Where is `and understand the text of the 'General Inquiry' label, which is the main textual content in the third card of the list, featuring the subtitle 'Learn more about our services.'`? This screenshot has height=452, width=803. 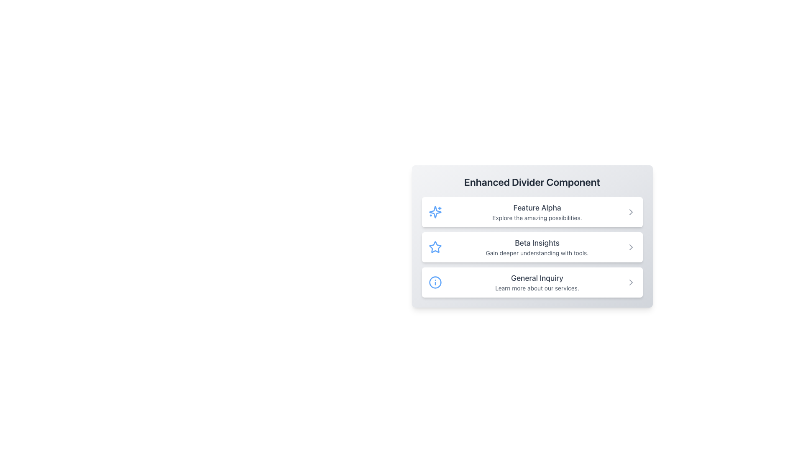 and understand the text of the 'General Inquiry' label, which is the main textual content in the third card of the list, featuring the subtitle 'Learn more about our services.' is located at coordinates (537, 282).